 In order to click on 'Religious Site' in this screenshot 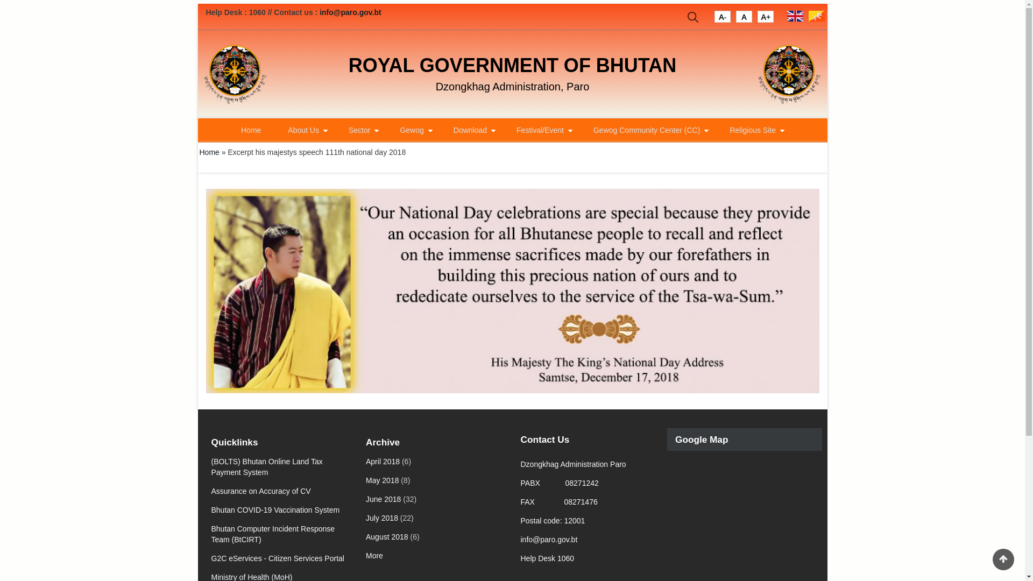, I will do `click(718, 130)`.